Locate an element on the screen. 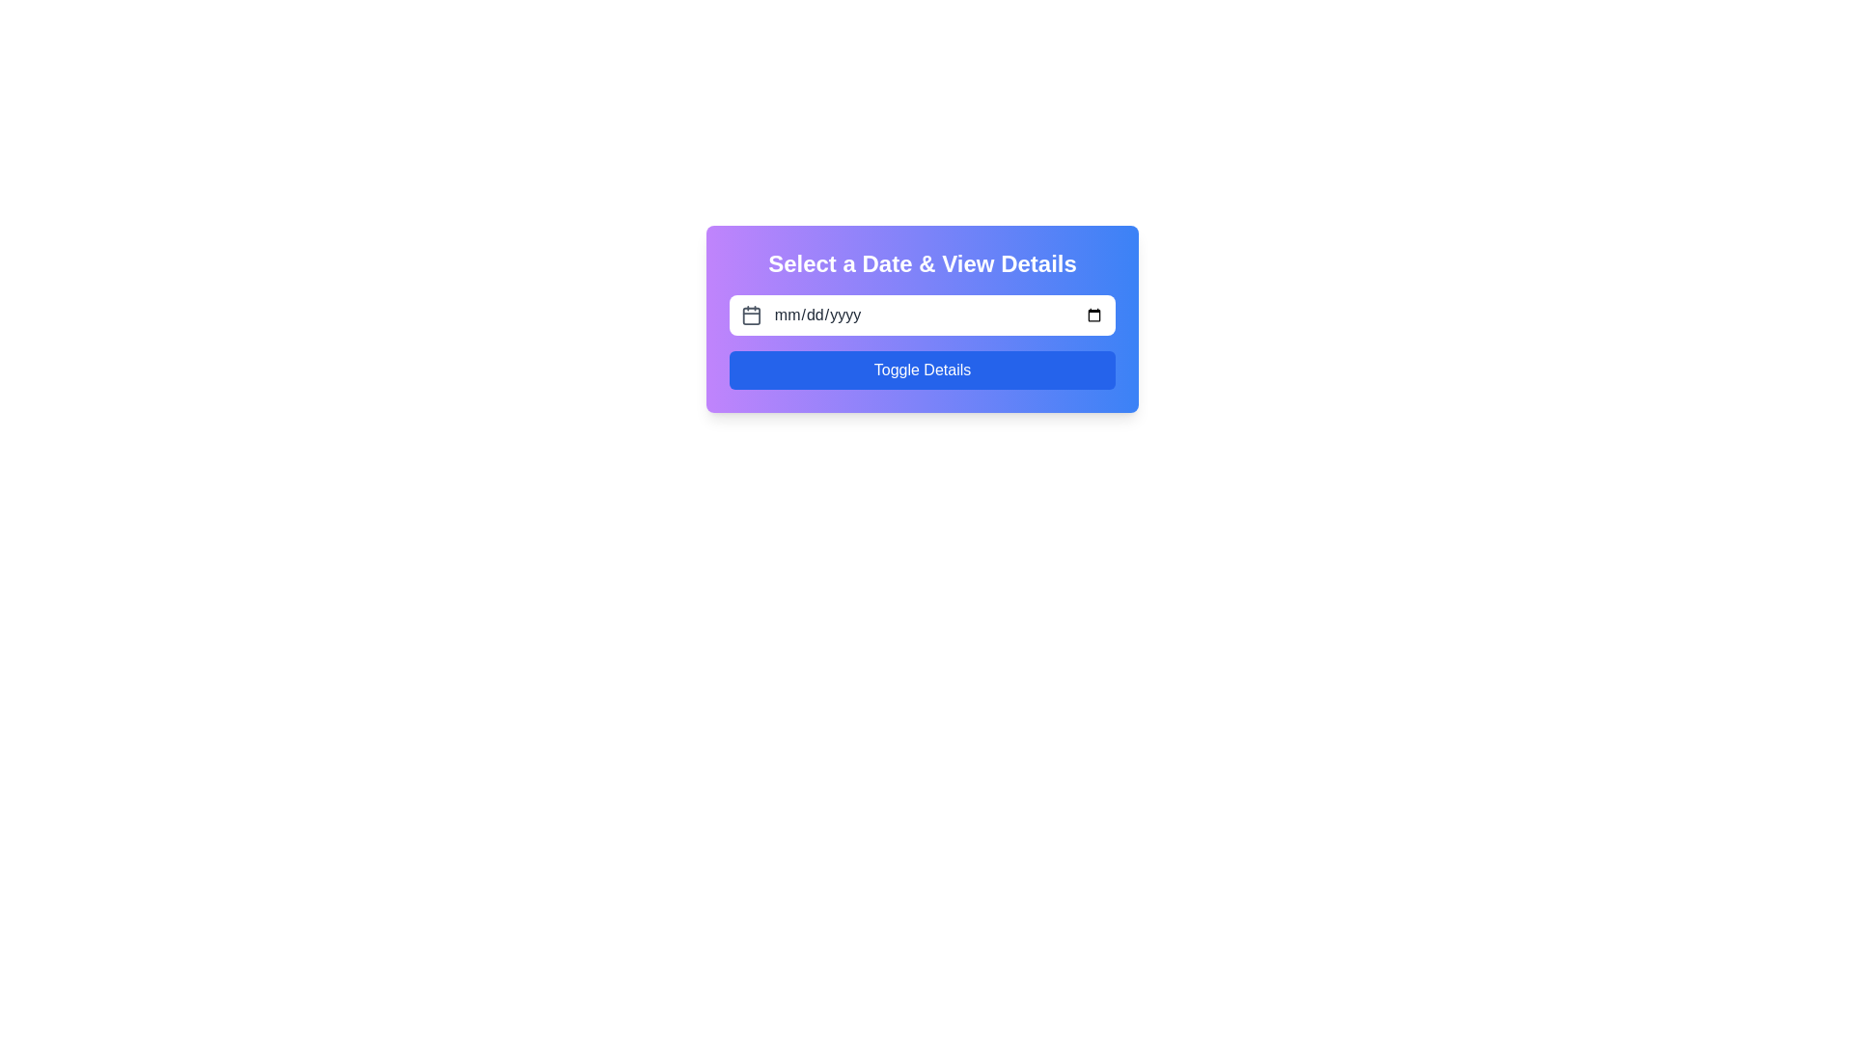  the blue rectangular button labeled 'Toggle Details' is located at coordinates (921, 370).